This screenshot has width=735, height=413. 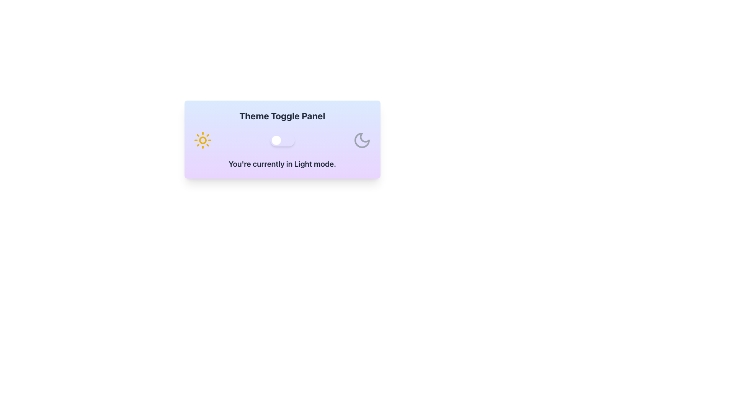 What do you see at coordinates (361, 140) in the screenshot?
I see `the crescent moon icon in the top-right corner of the Theme Toggle Panel` at bounding box center [361, 140].